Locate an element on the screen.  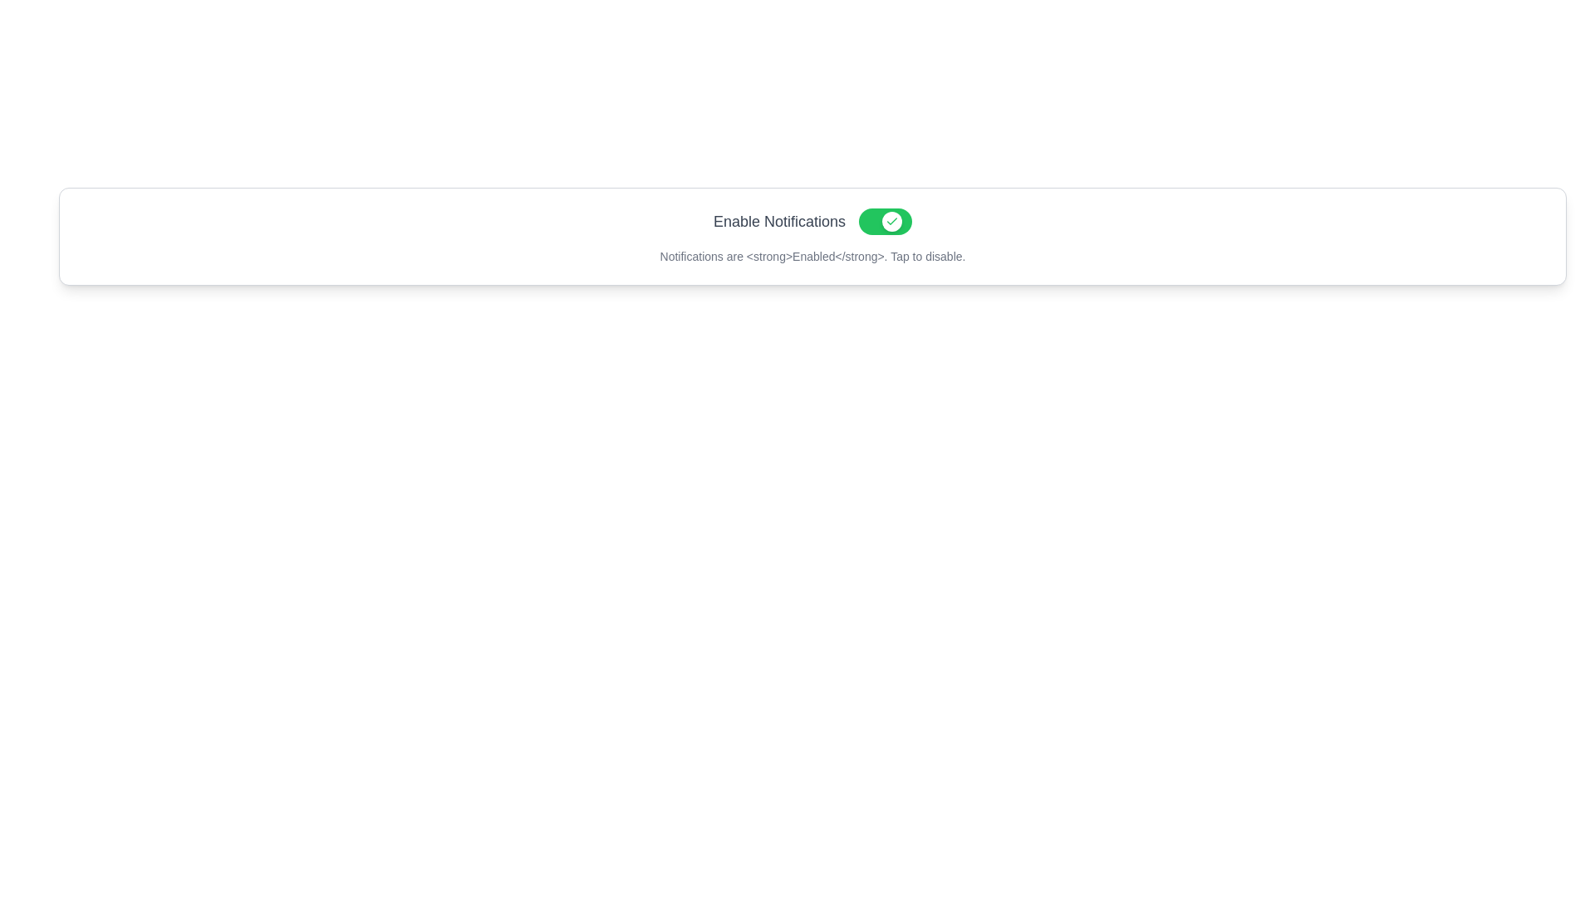
the small circular toggle handle with a green checkmark icon, located on the far right of the toggle switch component is located at coordinates (891, 220).